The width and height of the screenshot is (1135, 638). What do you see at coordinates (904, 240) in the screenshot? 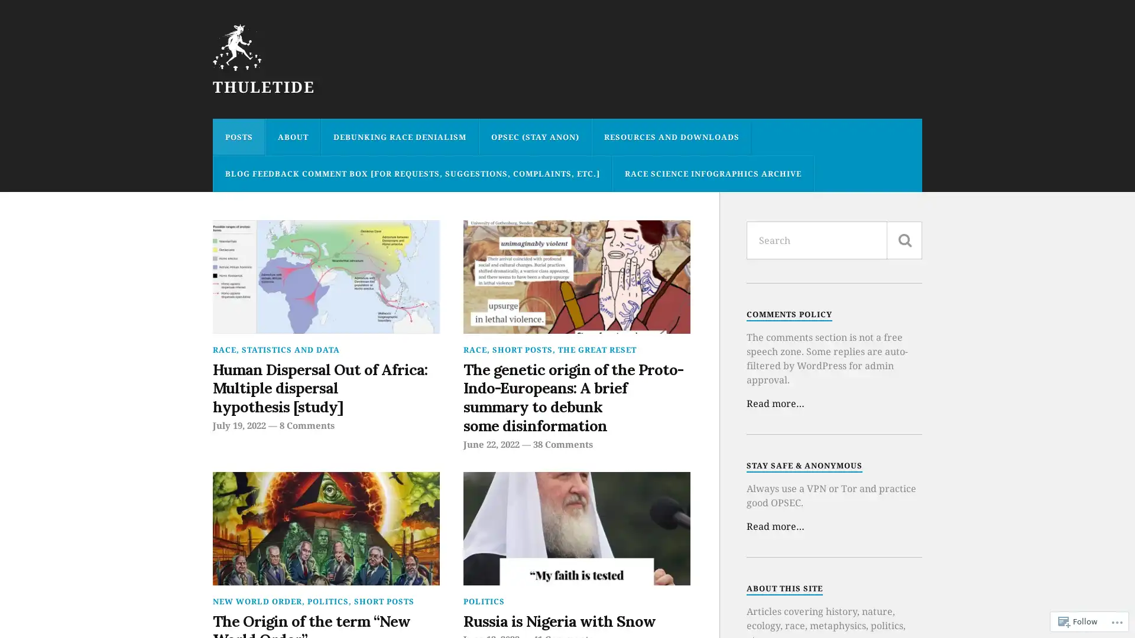
I see `Search` at bounding box center [904, 240].